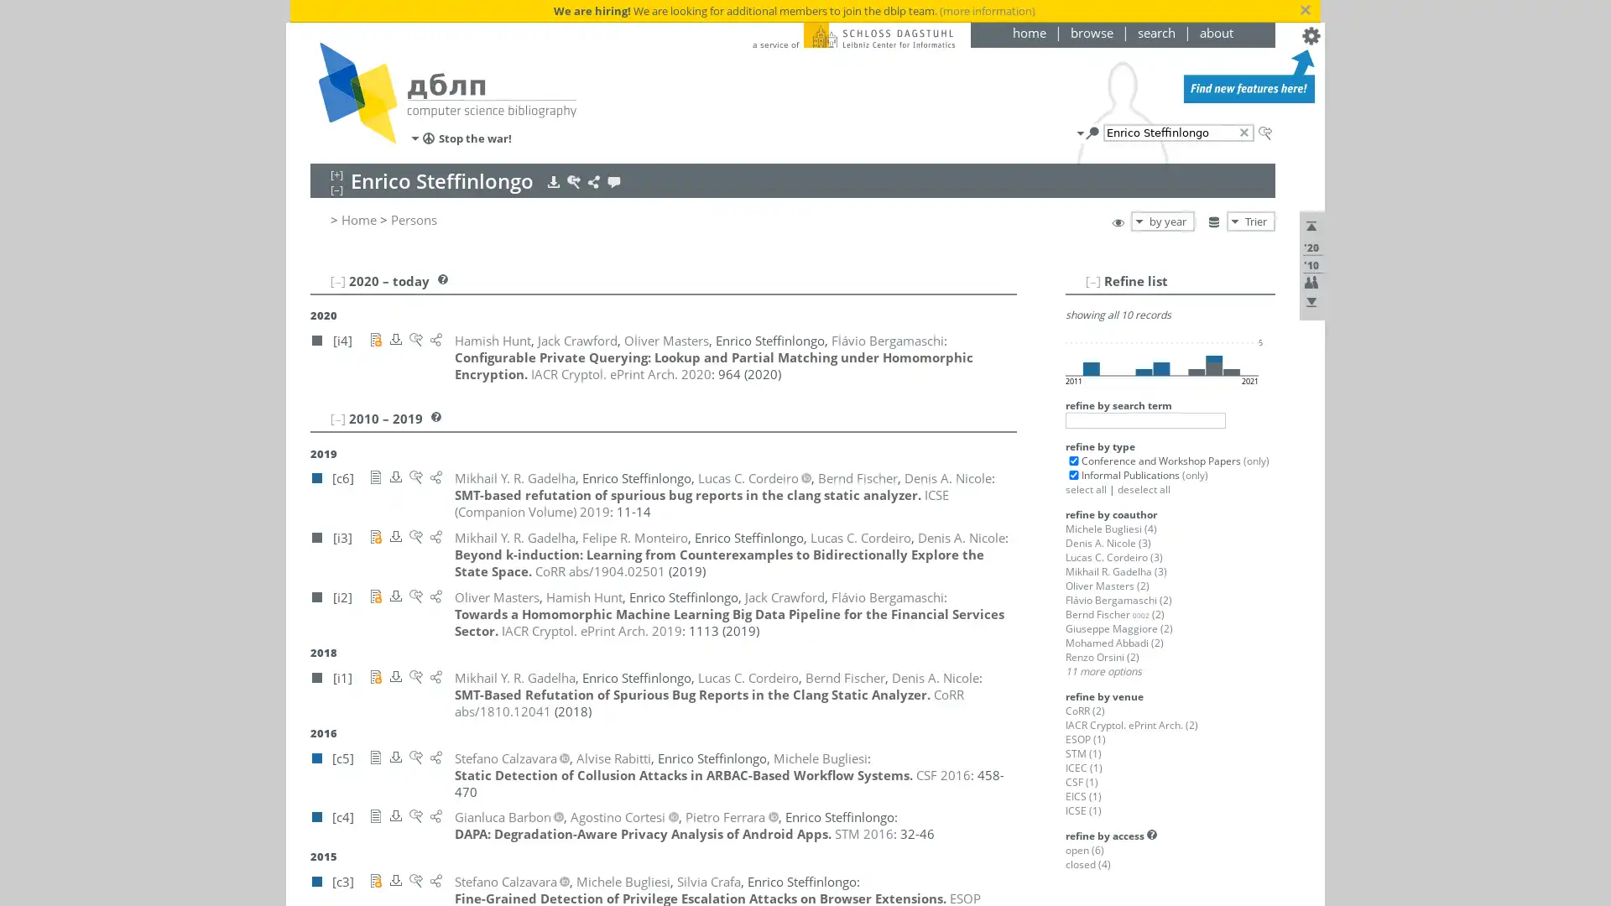  What do you see at coordinates (1083, 752) in the screenshot?
I see `STM (1)` at bounding box center [1083, 752].